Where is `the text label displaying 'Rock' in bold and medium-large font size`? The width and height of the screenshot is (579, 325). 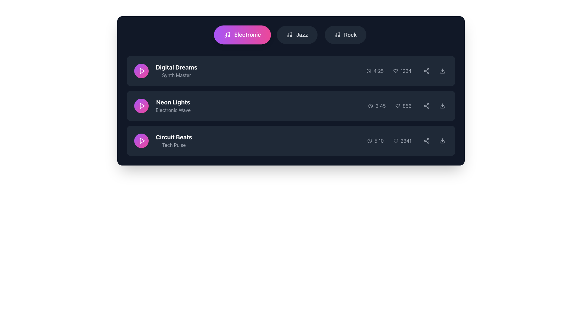 the text label displaying 'Rock' in bold and medium-large font size is located at coordinates (350, 35).